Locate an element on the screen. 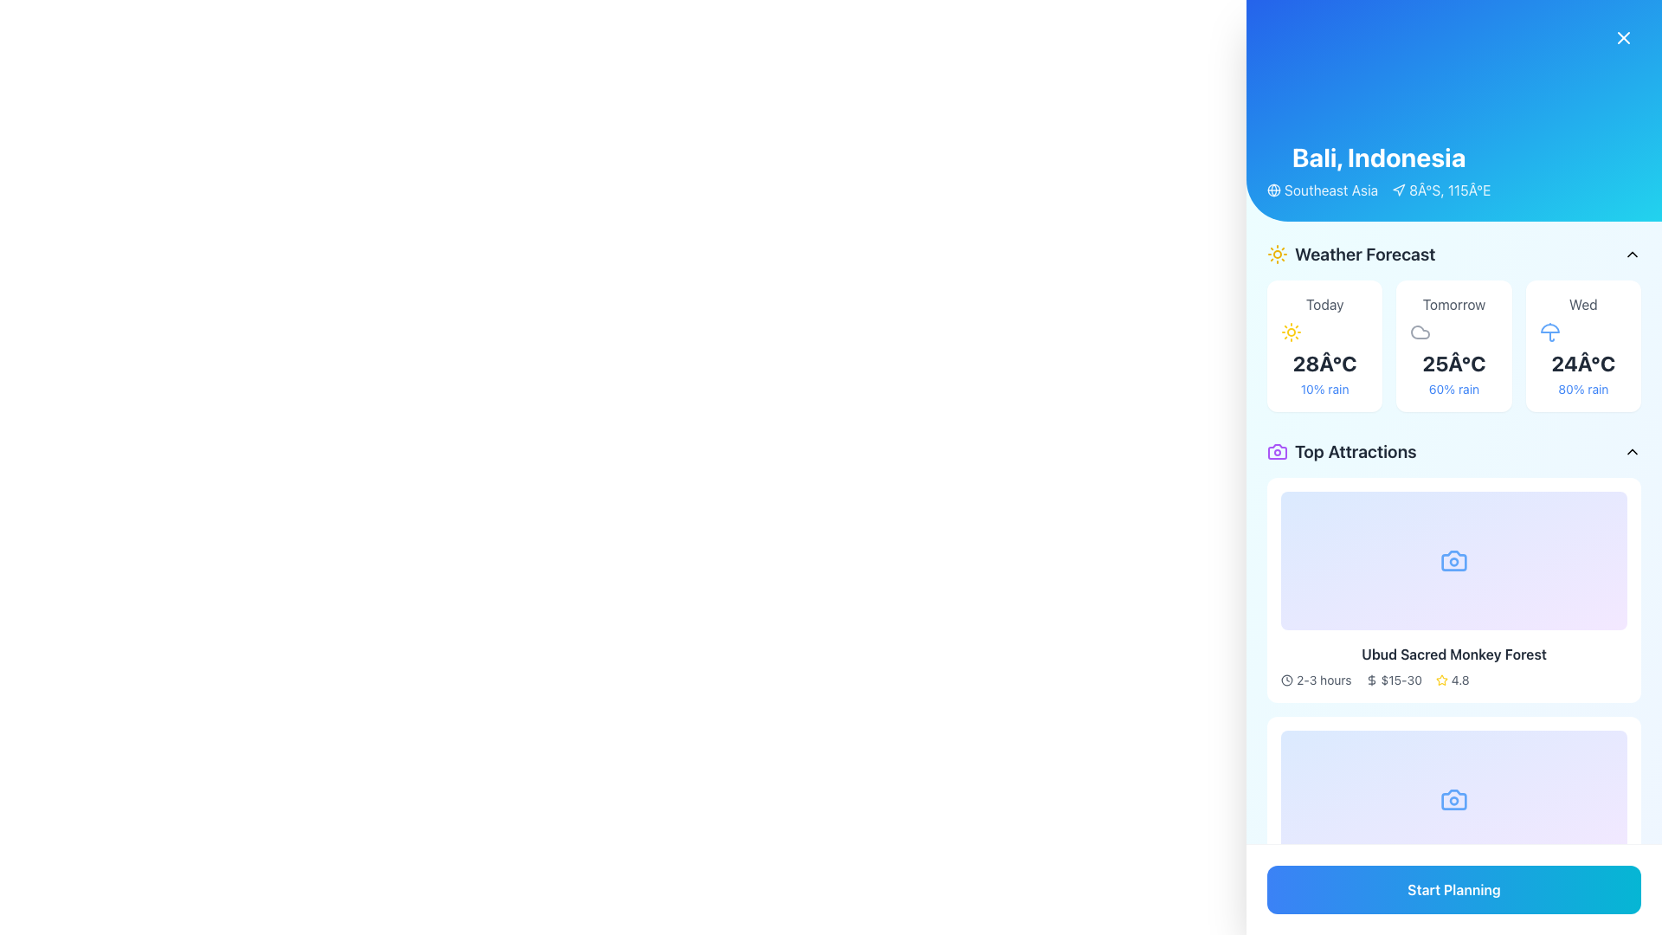 The image size is (1662, 935). the metadata element providing duration, pricing, and rating information about 'Tanah Lot Temple', located in the 'Top Attractions' section, below the title of the attraction is located at coordinates (1454, 918).